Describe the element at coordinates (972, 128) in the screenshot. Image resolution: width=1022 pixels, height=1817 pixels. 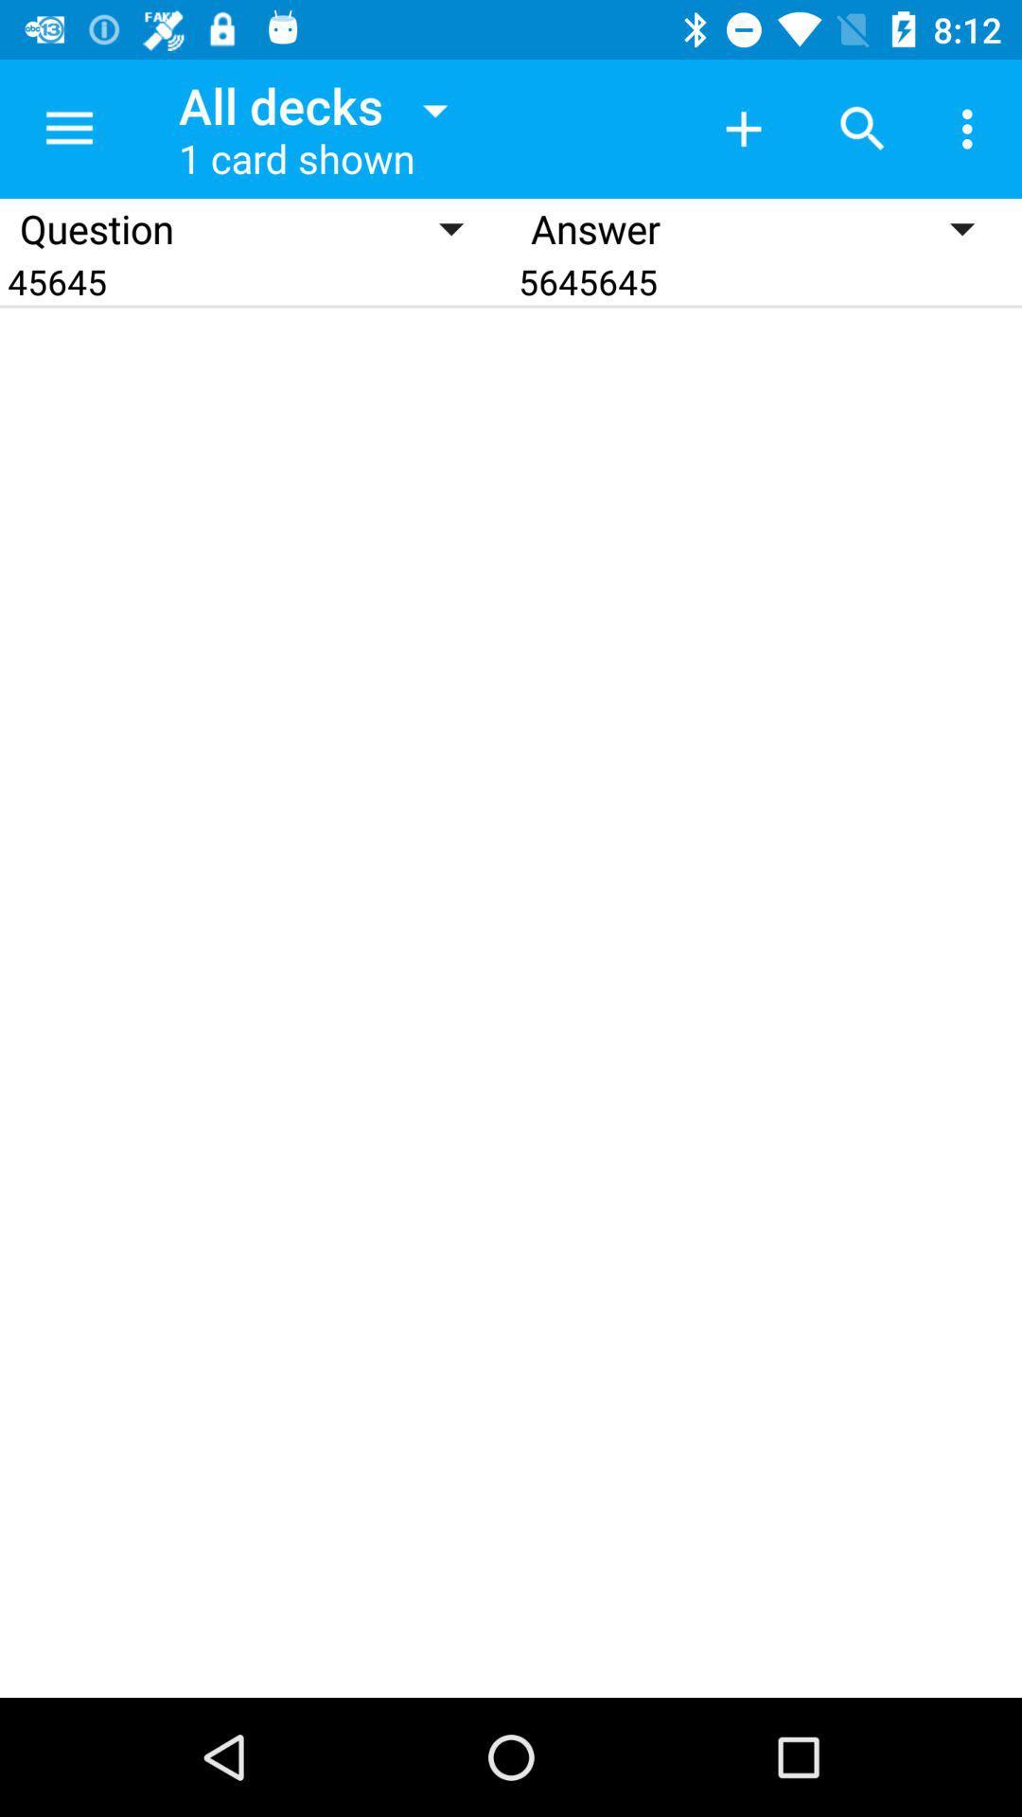
I see `item above the 5645645 item` at that location.